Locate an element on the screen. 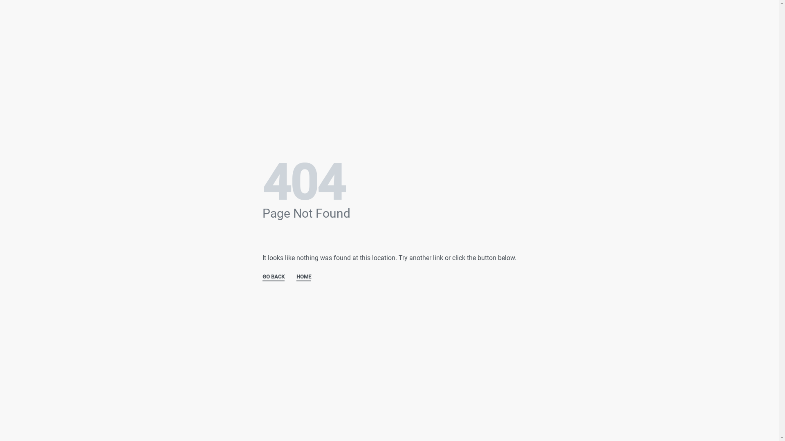 This screenshot has height=441, width=785. 'HOME' is located at coordinates (296, 277).